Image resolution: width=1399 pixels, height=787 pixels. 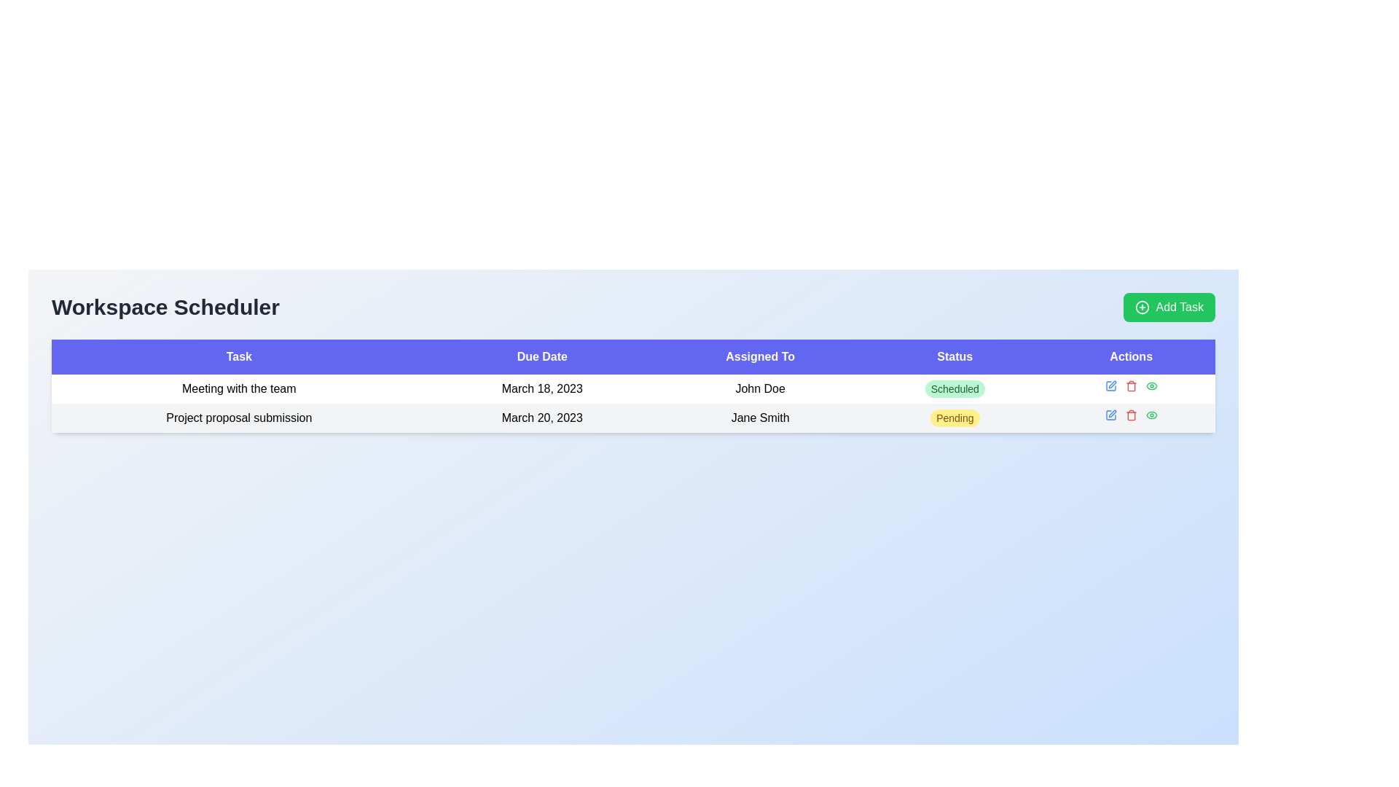 I want to click on the 'Status' table header cell, which has a blue background and white text, positioned between 'Assigned To' and 'Actions' in the table header row, so click(x=955, y=356).